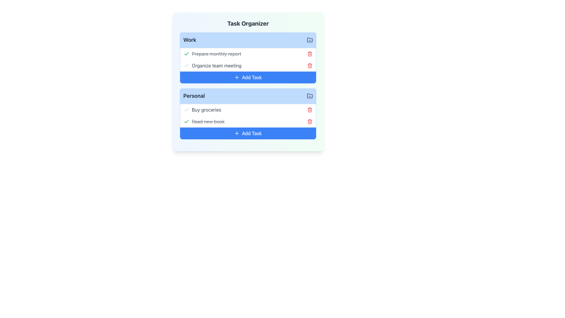 The width and height of the screenshot is (565, 318). I want to click on the static text label representing a task in the 'Personal' list of the task organizer, located under the 'Task Organizer' heading and to the right of the checkmark icon, so click(206, 110).